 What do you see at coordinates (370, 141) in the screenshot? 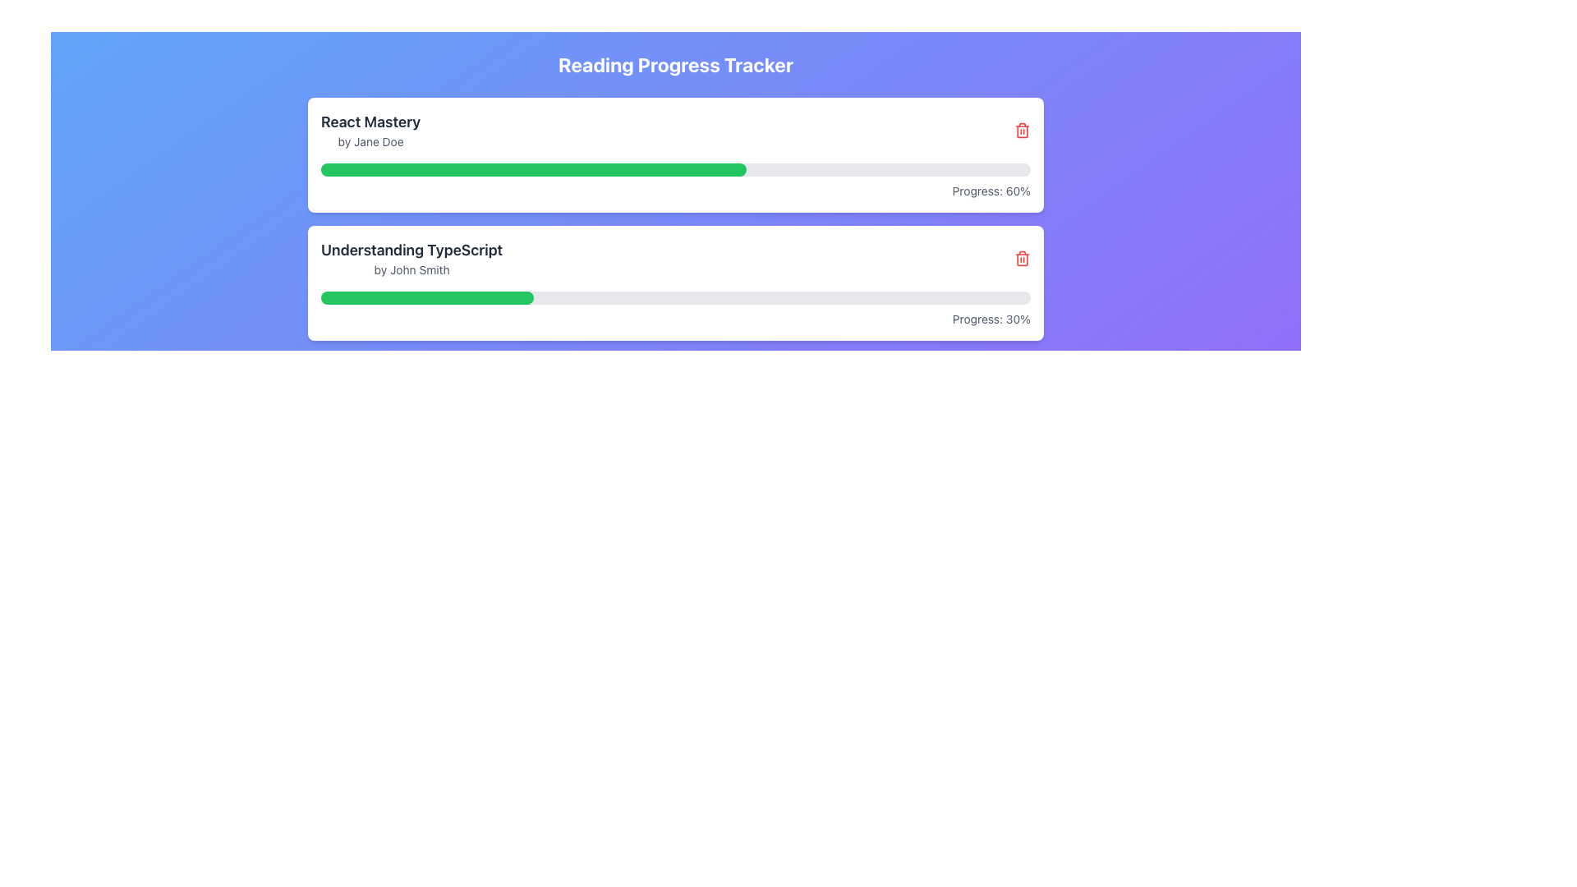
I see `the text label that reads 'by Jane Doe', which is located directly below the 'React Mastery' title in the top card, serving as an author attribution` at bounding box center [370, 141].